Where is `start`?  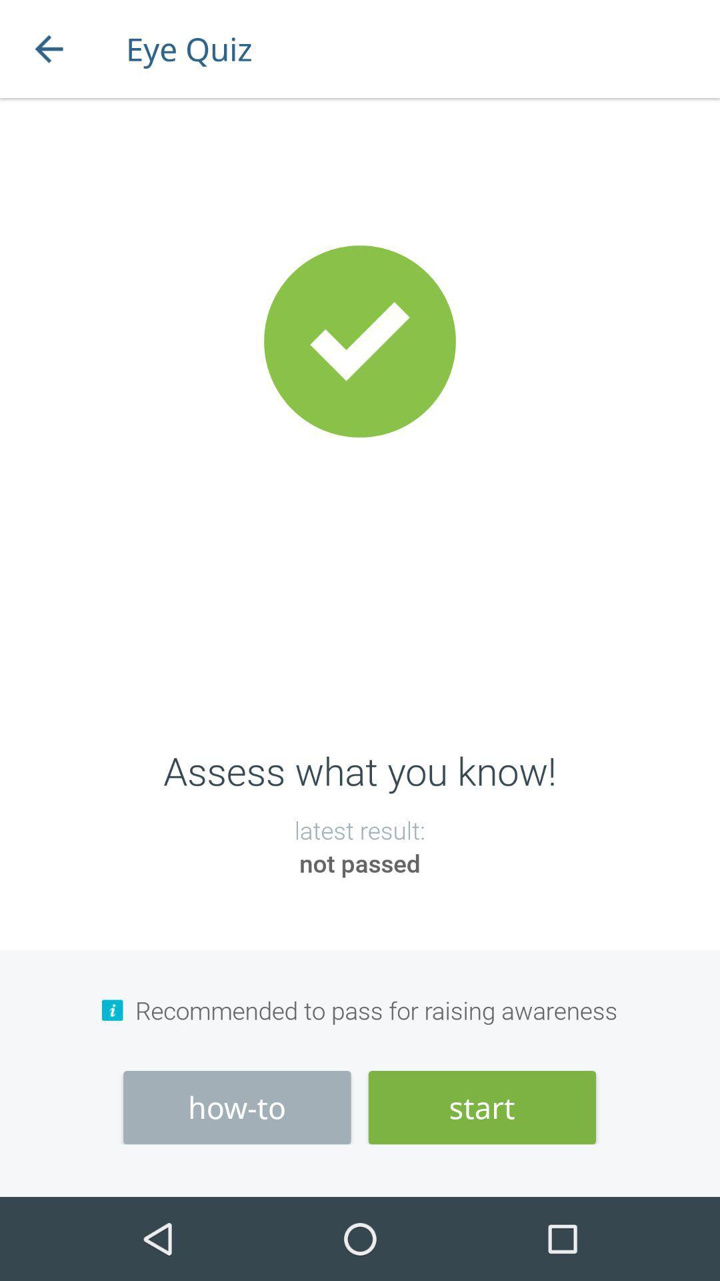 start is located at coordinates (482, 1108).